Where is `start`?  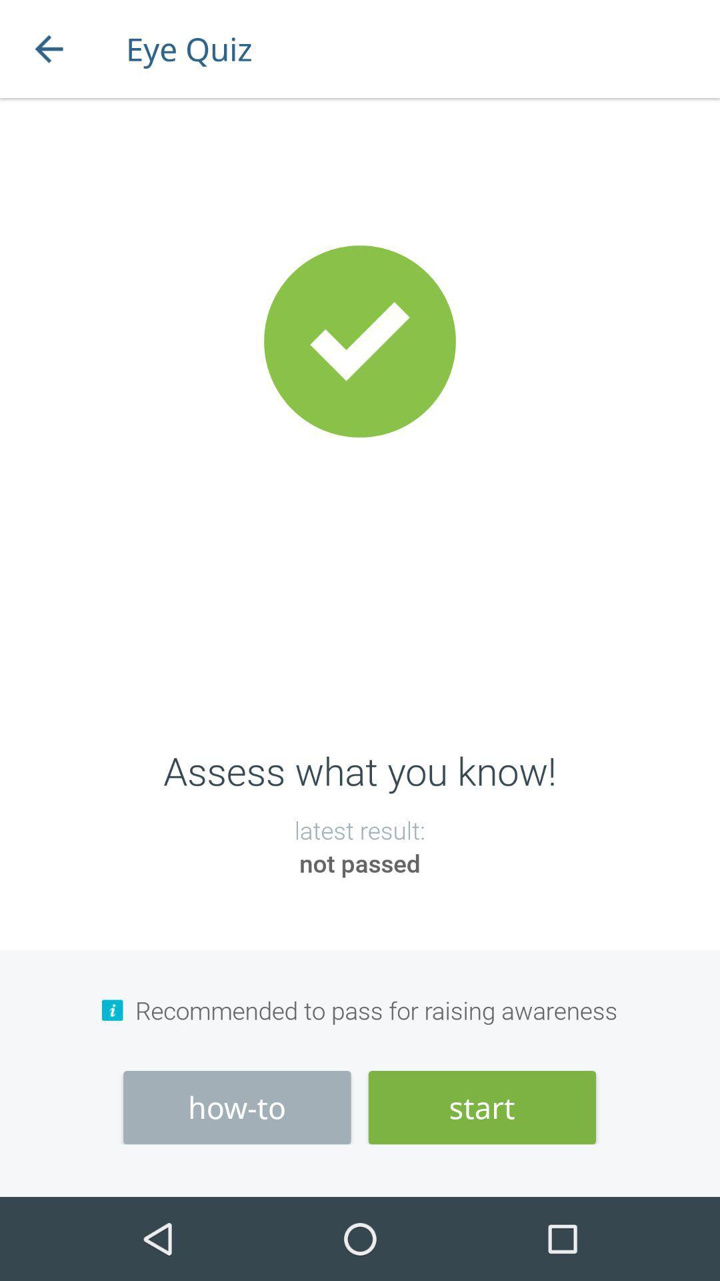 start is located at coordinates (482, 1108).